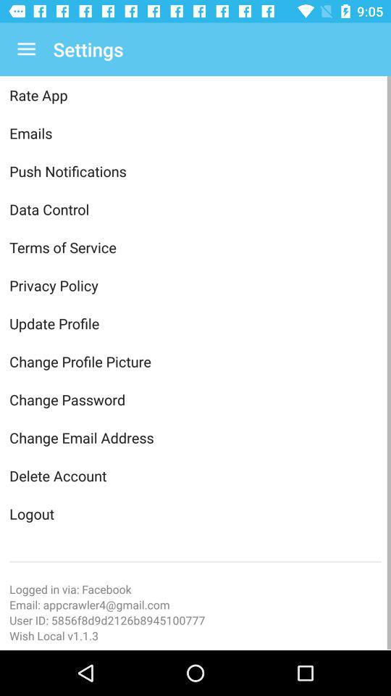  I want to click on item below the terms of service icon, so click(195, 284).